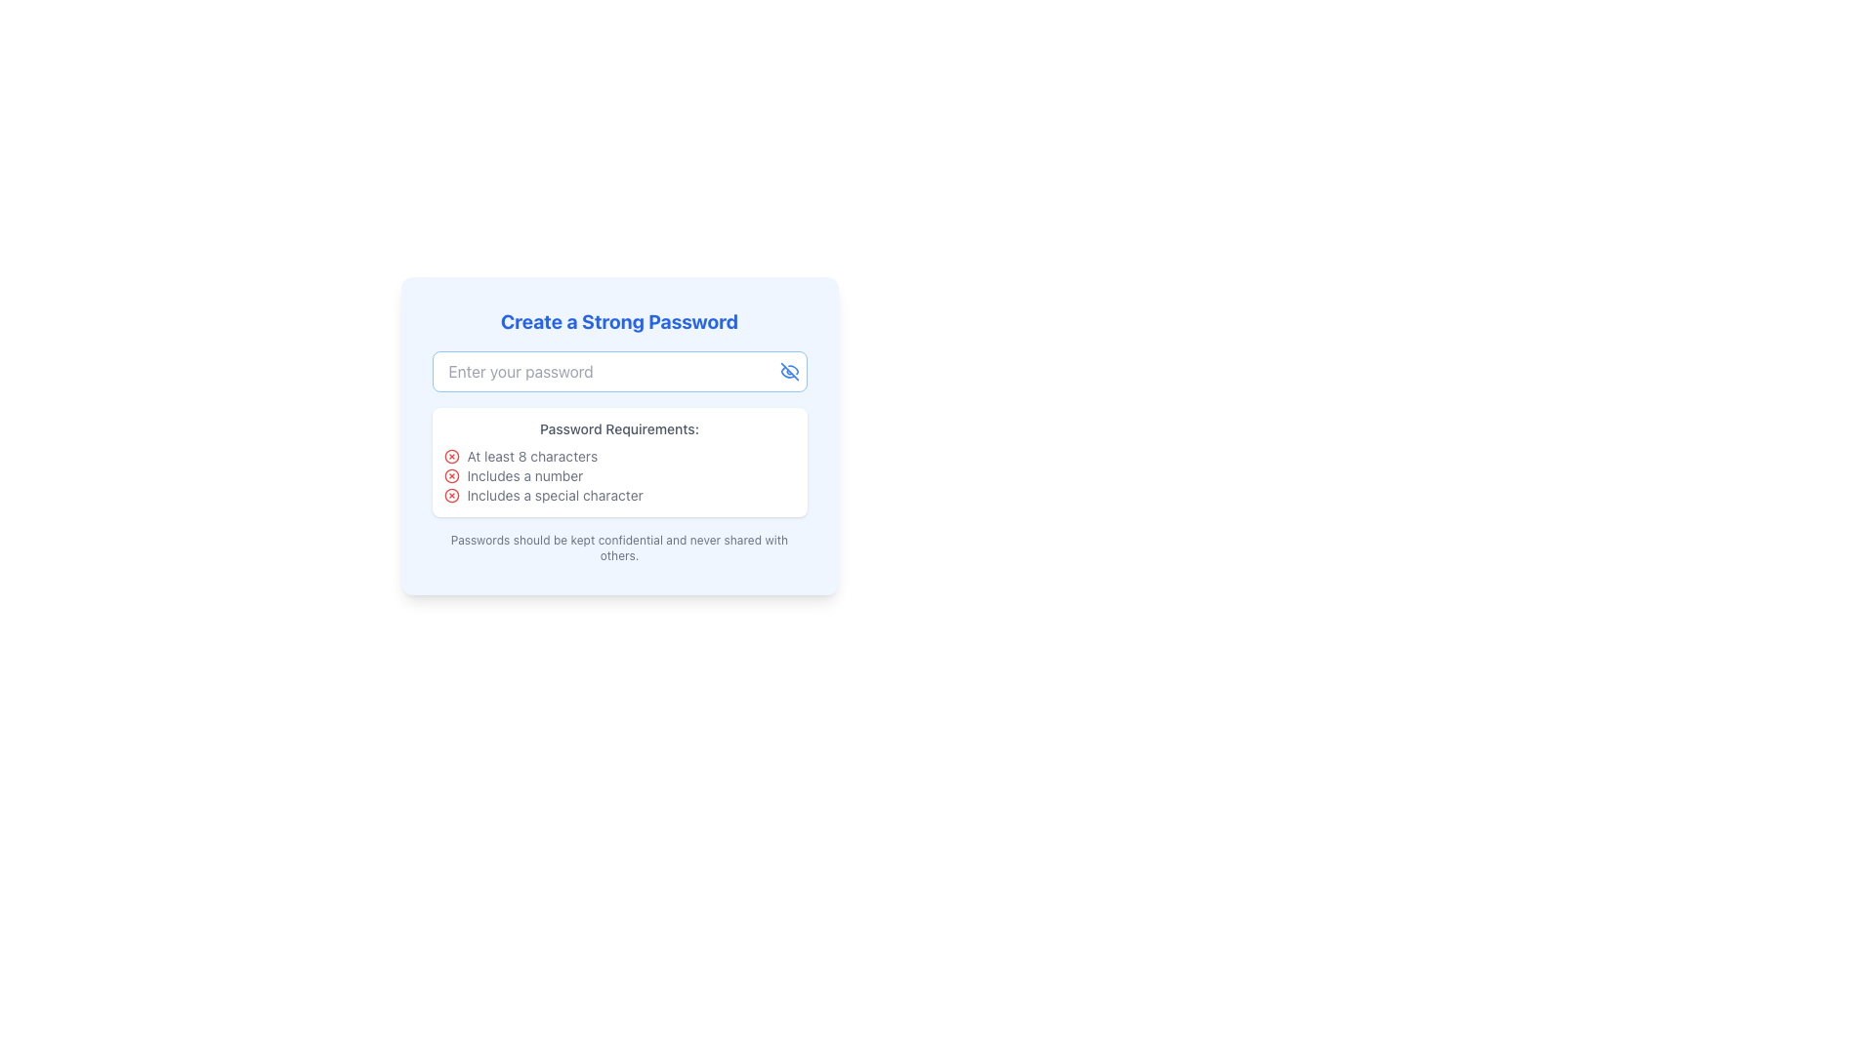 The image size is (1875, 1054). What do you see at coordinates (532, 456) in the screenshot?
I see `the text label that displays 'At least 8 characters', which is styled in small gray font and is the first item in the list of password requirements located under the password input field` at bounding box center [532, 456].